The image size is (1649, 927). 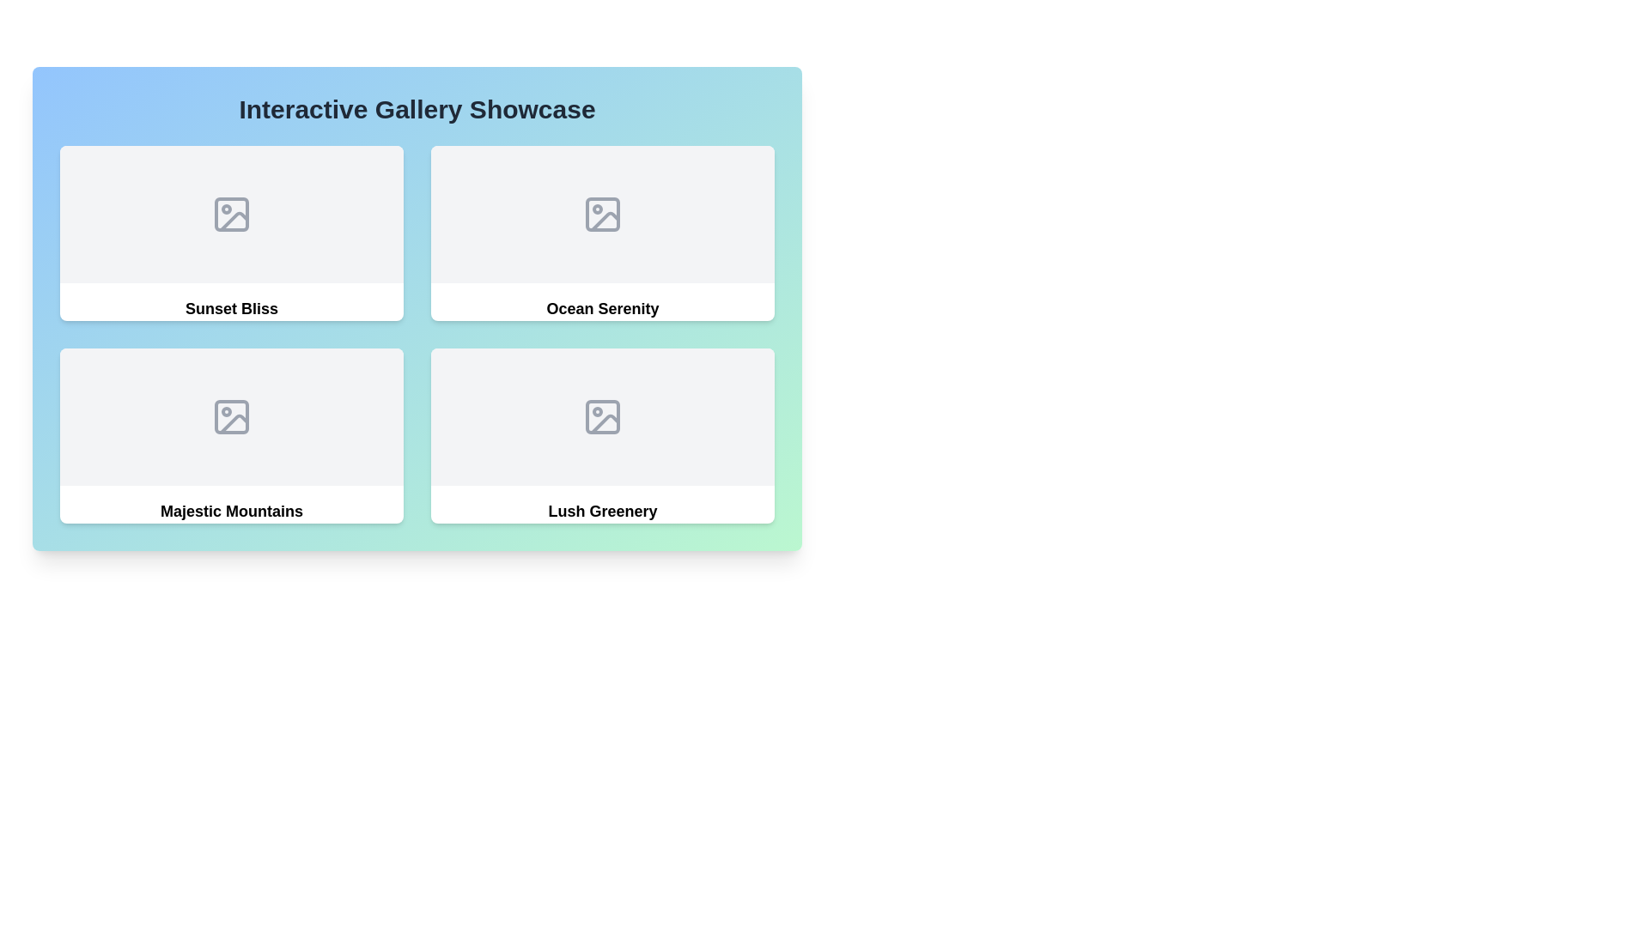 I want to click on the 'Lush Greenery' interactive card located, so click(x=602, y=435).